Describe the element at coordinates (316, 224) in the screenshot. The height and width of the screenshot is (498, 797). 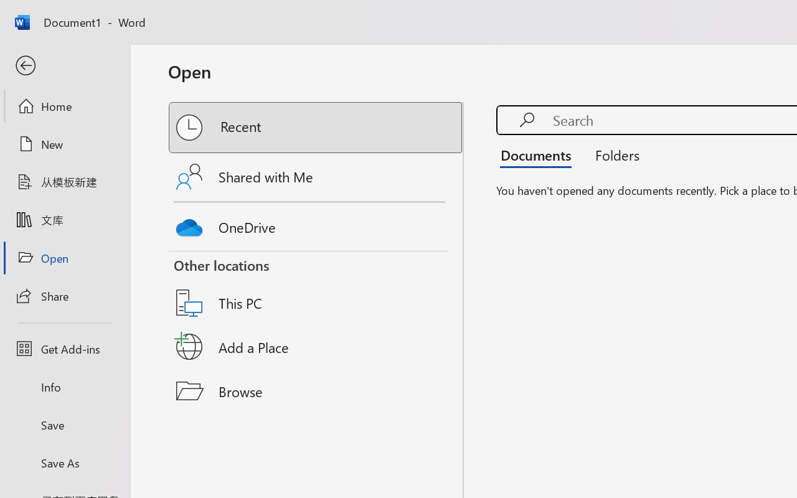
I see `'OneDrive'` at that location.